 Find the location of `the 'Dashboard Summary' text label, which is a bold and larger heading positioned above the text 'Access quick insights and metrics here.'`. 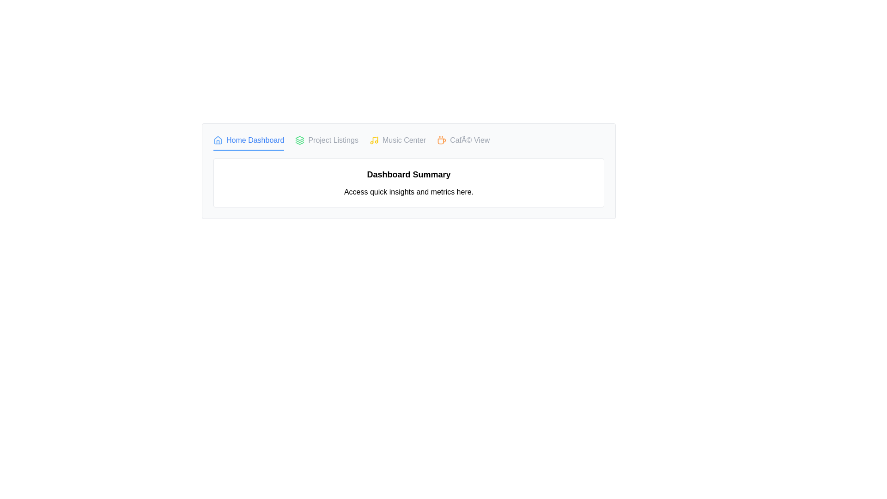

the 'Dashboard Summary' text label, which is a bold and larger heading positioned above the text 'Access quick insights and metrics here.' is located at coordinates (408, 175).